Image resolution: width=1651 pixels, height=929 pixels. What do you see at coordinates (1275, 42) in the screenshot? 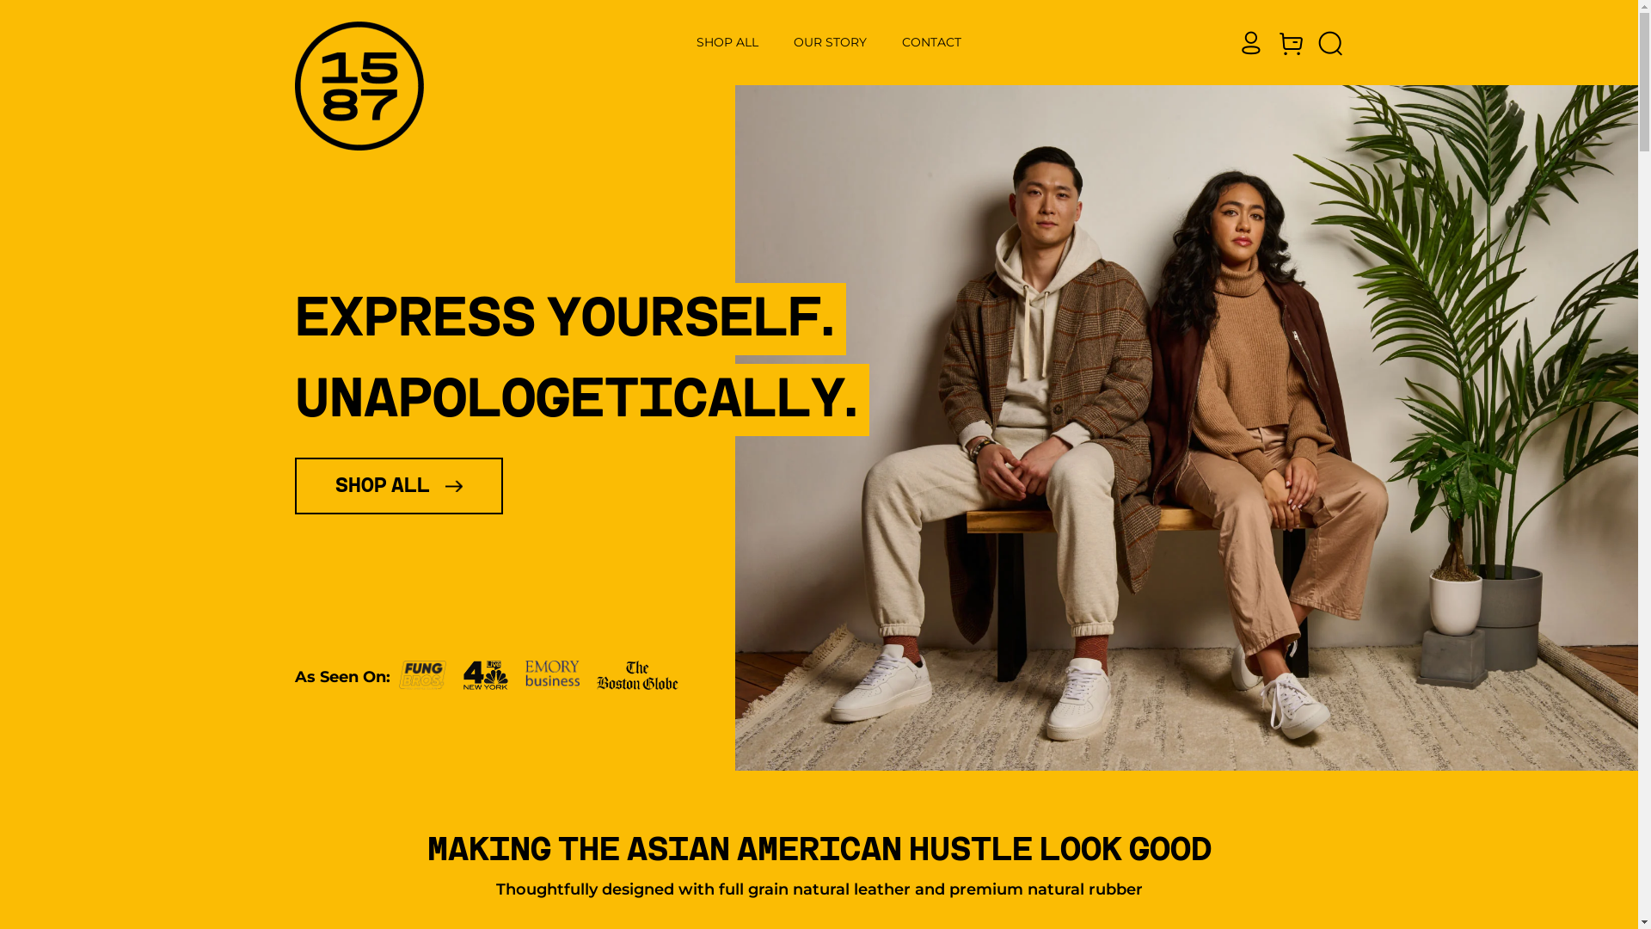
I see `'Cart'` at bounding box center [1275, 42].